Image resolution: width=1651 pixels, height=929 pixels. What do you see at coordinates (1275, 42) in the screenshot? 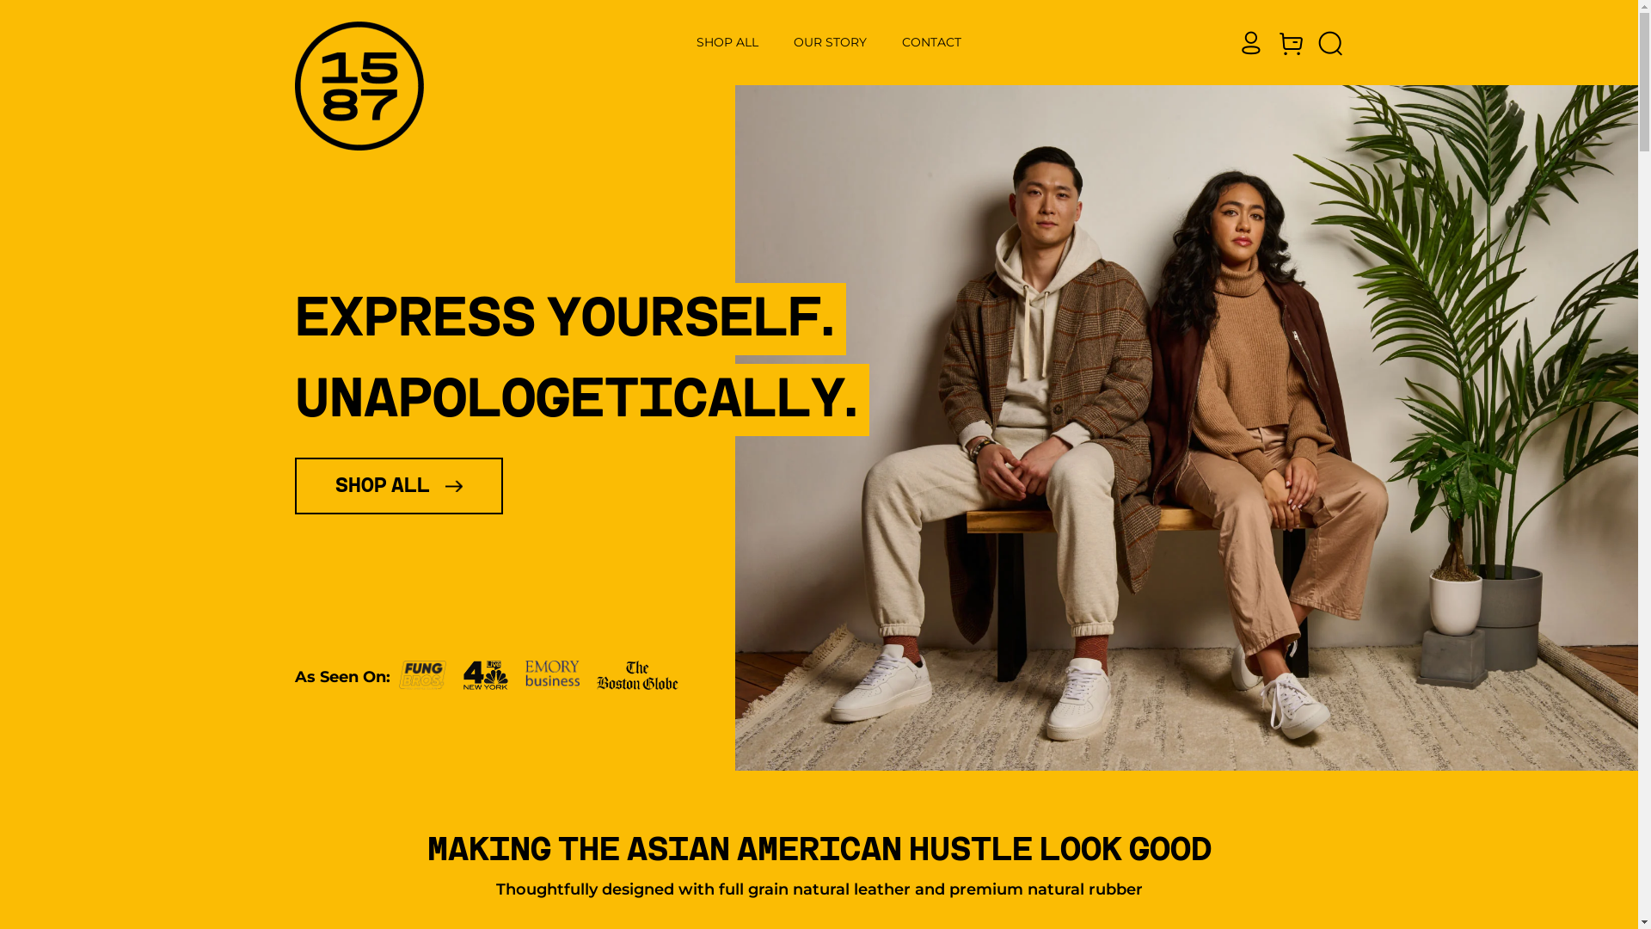
I see `'Cart'` at bounding box center [1275, 42].